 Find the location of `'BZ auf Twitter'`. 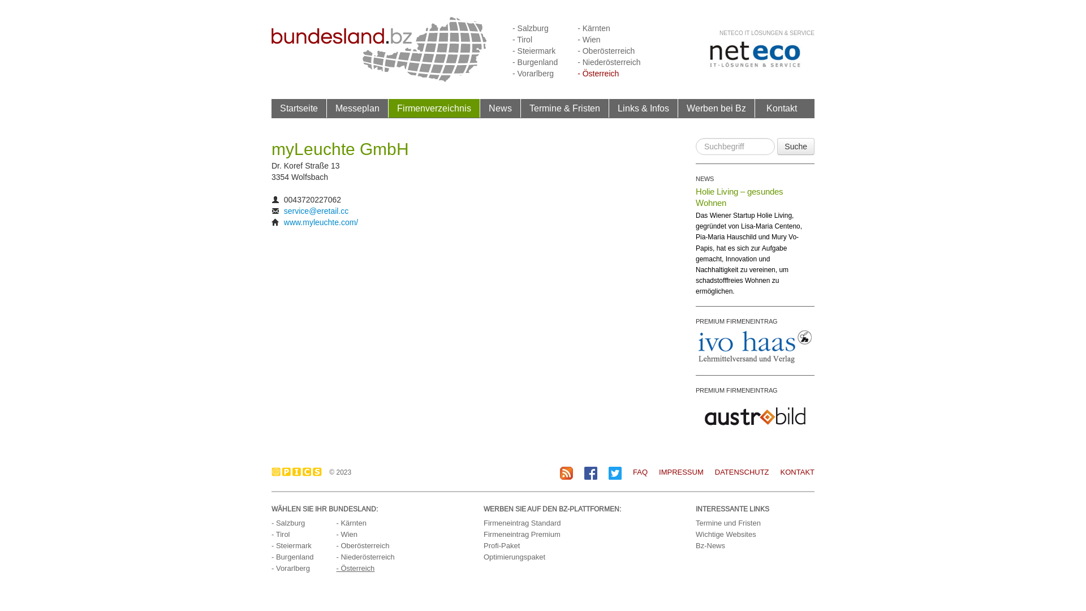

'BZ auf Twitter' is located at coordinates (614, 472).